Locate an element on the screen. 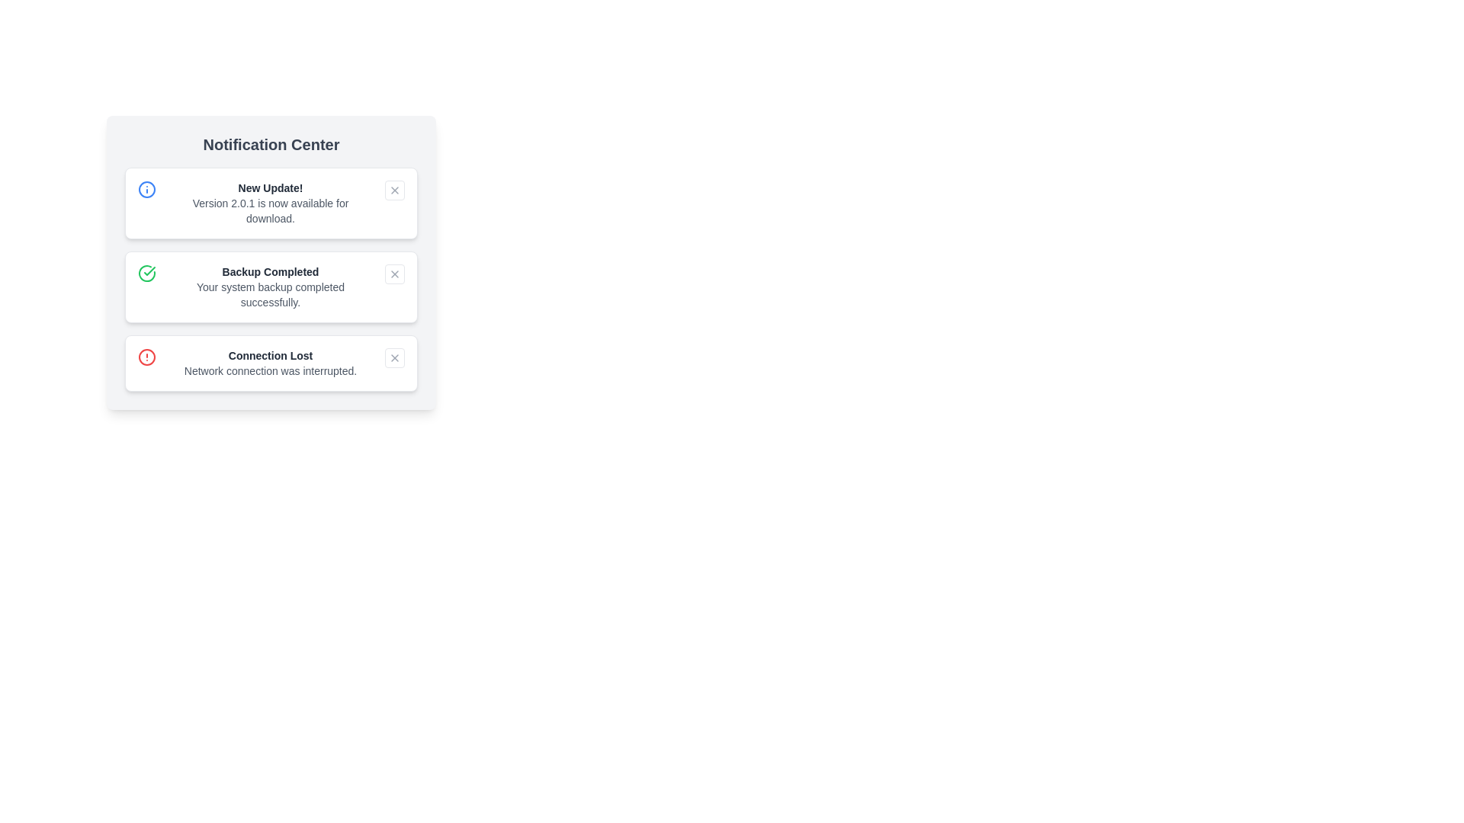 Image resolution: width=1464 pixels, height=823 pixels. the success indicator icon located in the second notification card from the top, aligned to the left side of the card is located at coordinates (149, 270).